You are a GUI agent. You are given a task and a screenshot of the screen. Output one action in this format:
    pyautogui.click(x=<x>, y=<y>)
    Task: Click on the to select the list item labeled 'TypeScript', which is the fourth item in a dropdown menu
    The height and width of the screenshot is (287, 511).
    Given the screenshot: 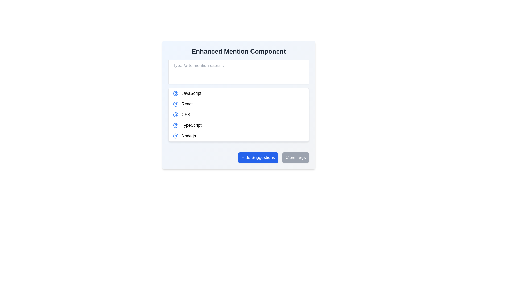 What is the action you would take?
    pyautogui.click(x=238, y=125)
    